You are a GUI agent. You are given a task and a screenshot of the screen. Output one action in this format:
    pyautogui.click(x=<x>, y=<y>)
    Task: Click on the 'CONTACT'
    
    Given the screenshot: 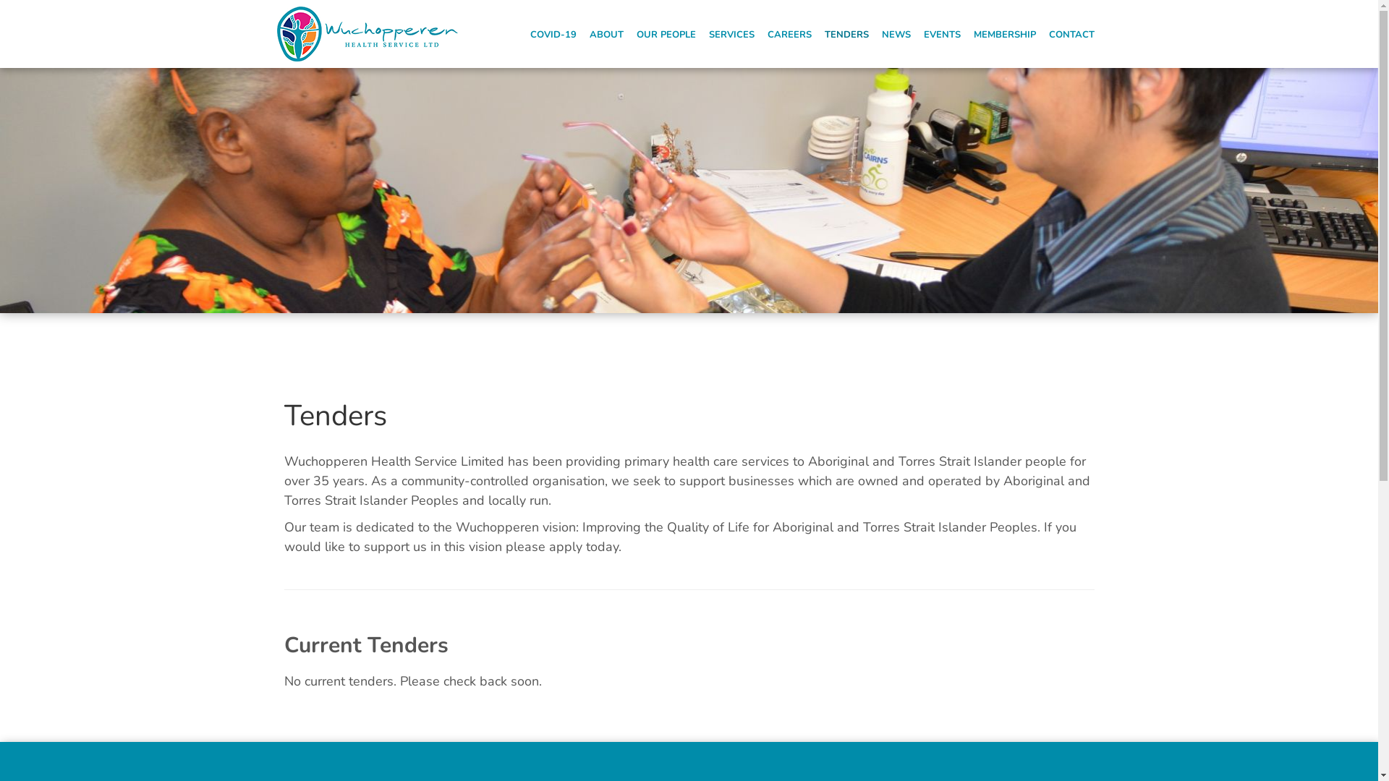 What is the action you would take?
    pyautogui.click(x=1071, y=33)
    